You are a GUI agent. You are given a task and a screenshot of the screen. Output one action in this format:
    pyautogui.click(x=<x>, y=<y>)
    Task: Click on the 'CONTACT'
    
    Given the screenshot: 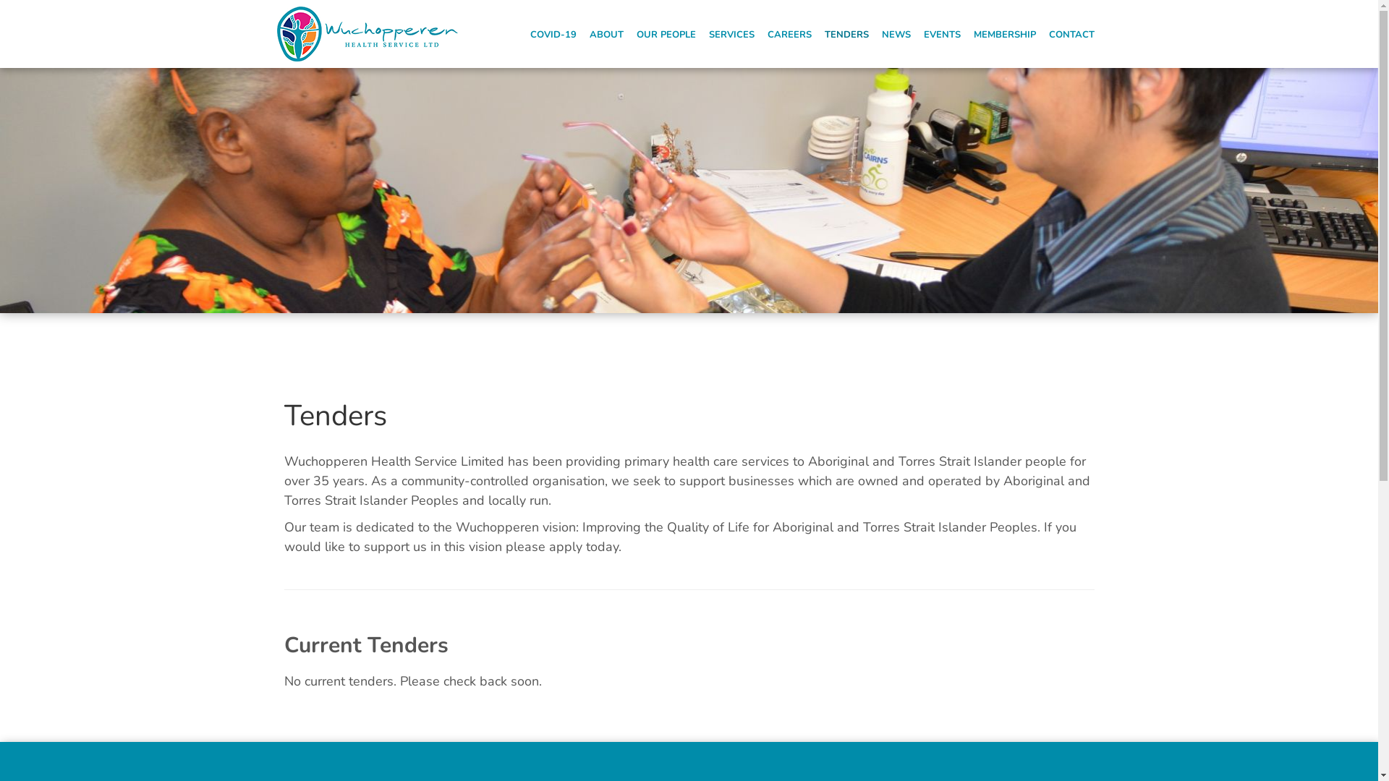 What is the action you would take?
    pyautogui.click(x=1071, y=33)
    